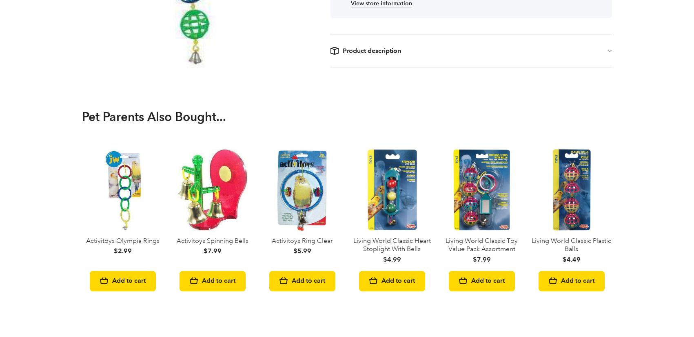 This screenshot has height=337, width=694. Describe the element at coordinates (302, 74) in the screenshot. I see `'Pickup available, usually ready in 24 hours'` at that location.